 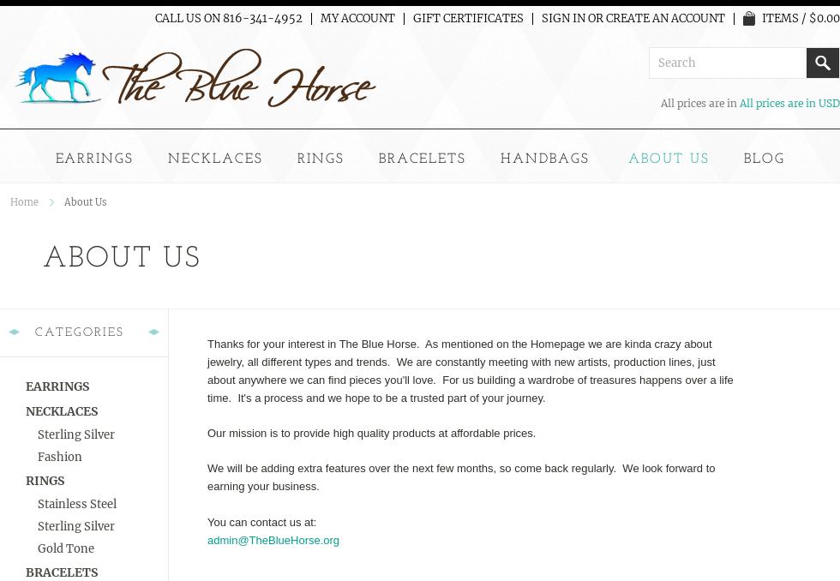 What do you see at coordinates (764, 159) in the screenshot?
I see `'Blog'` at bounding box center [764, 159].